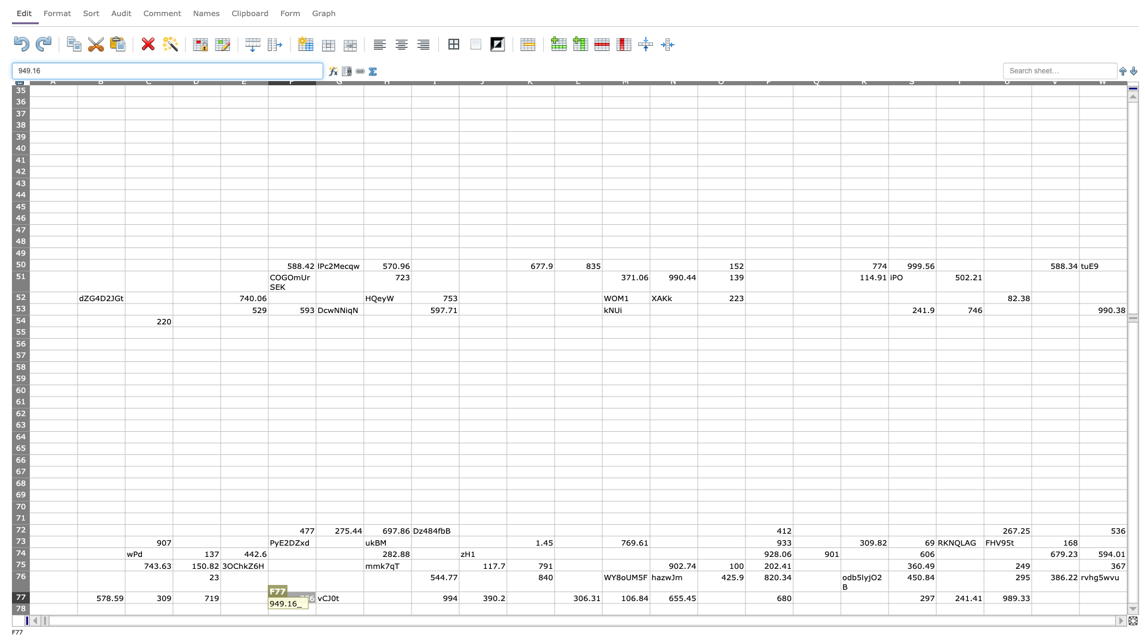 This screenshot has width=1145, height=644. I want to click on Northwest corner of cell G78, so click(315, 603).